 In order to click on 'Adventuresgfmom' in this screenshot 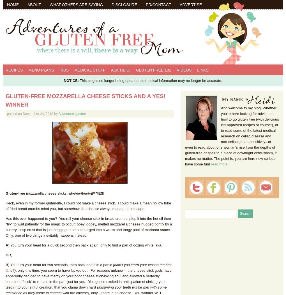, I will do `click(71, 113)`.